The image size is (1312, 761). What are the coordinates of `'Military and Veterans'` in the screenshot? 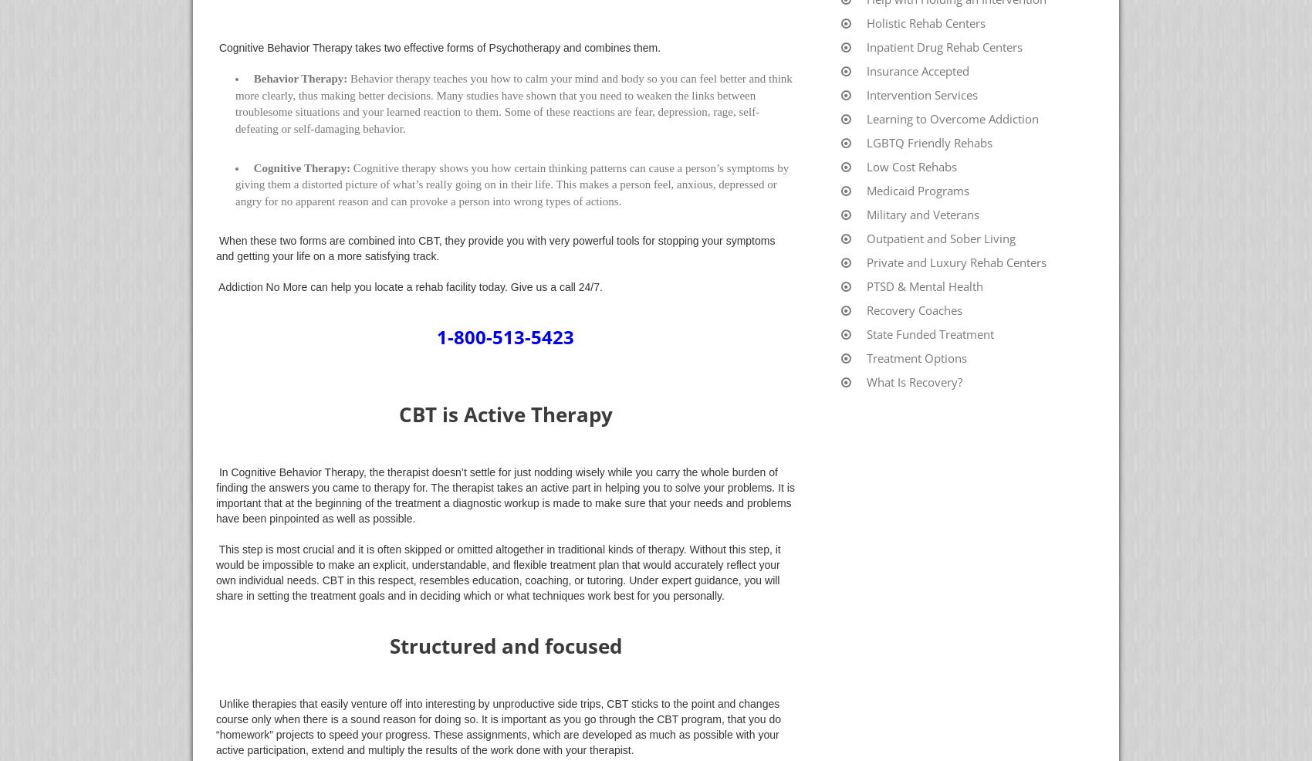 It's located at (867, 213).